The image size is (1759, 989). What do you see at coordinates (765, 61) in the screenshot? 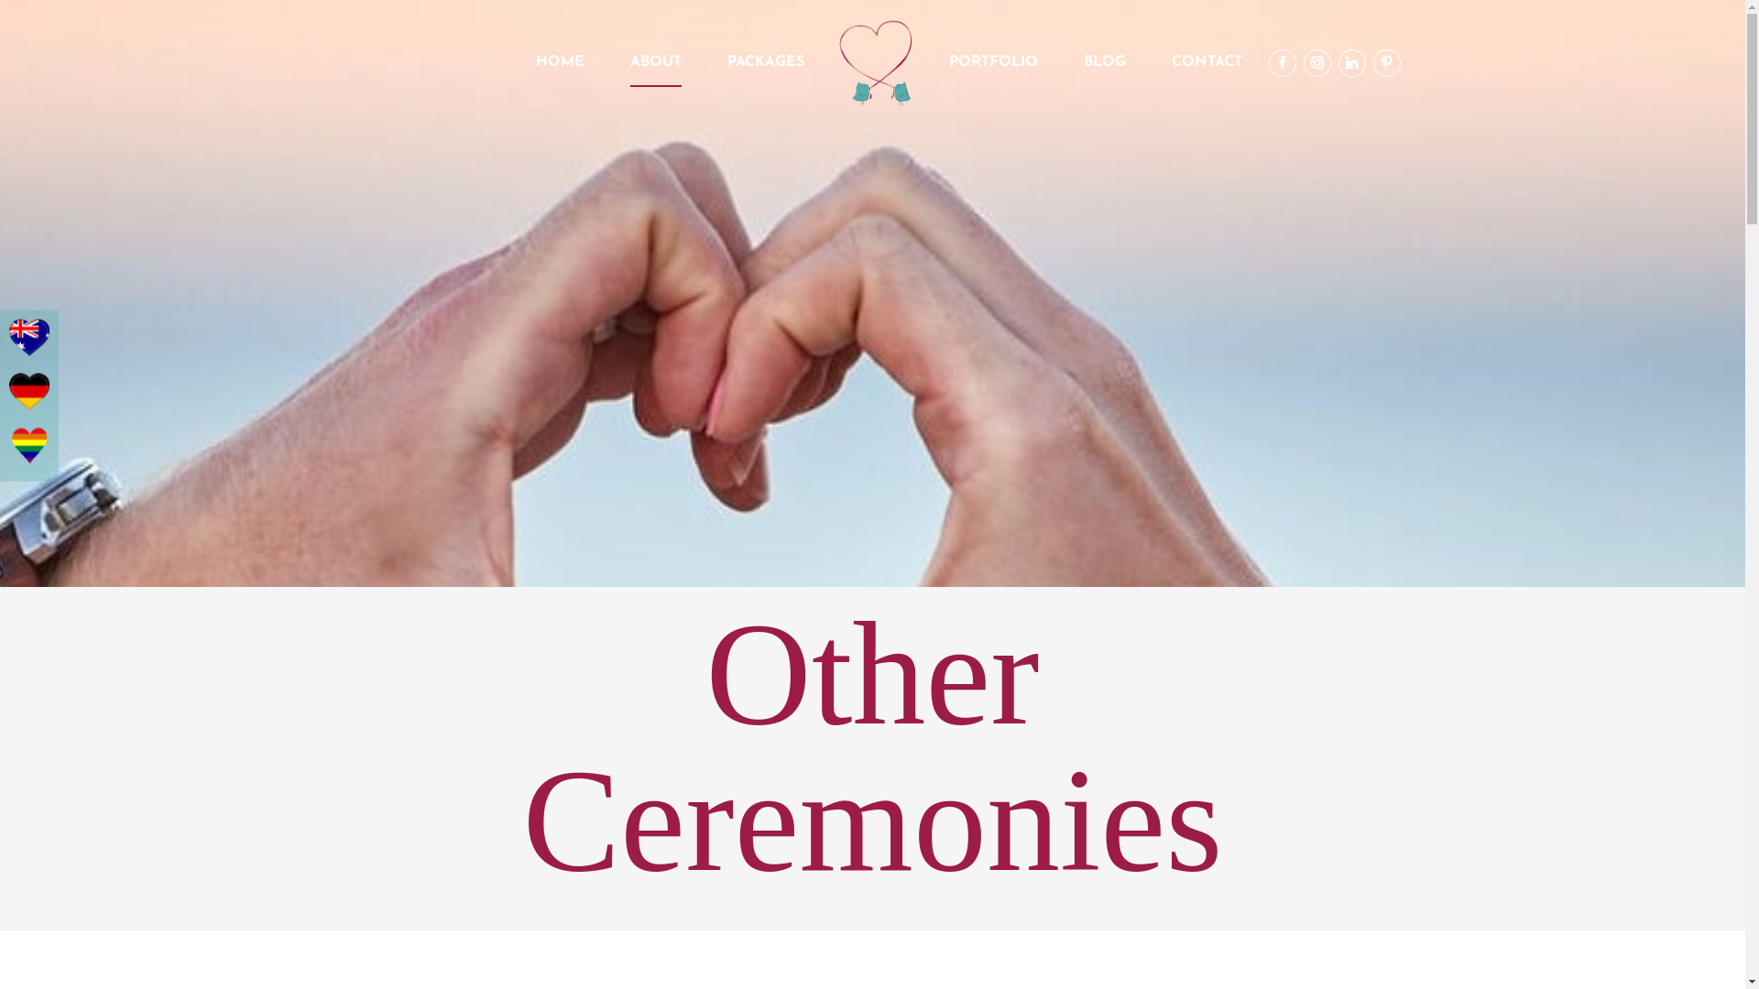
I see `'PACKAGES'` at bounding box center [765, 61].